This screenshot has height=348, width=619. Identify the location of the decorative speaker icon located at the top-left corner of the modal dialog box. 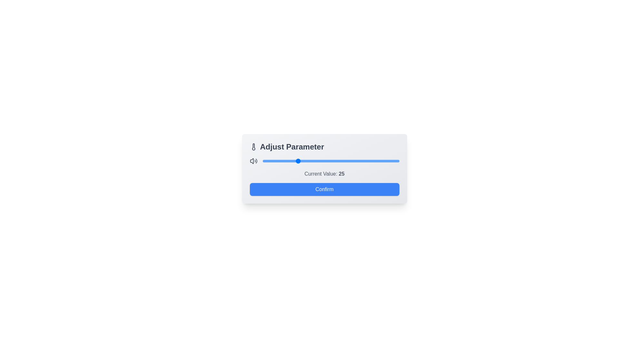
(251, 161).